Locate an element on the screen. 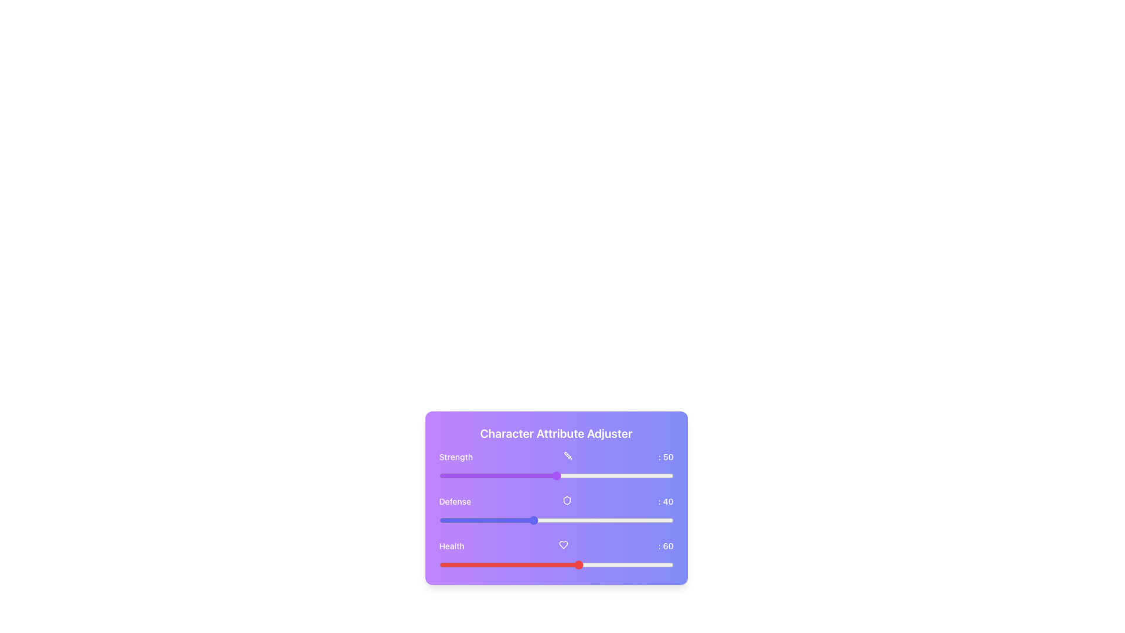  the slider value is located at coordinates (640, 519).